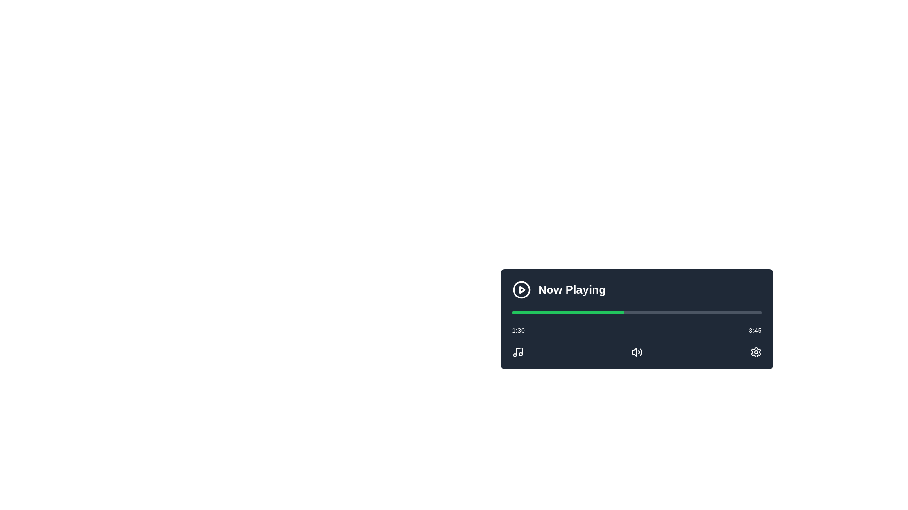 The width and height of the screenshot is (908, 510). Describe the element at coordinates (522, 289) in the screenshot. I see `the triangular 'play' button located within the circular icon on the leftmost part of the media player interface to initiate playback of the current track` at that location.